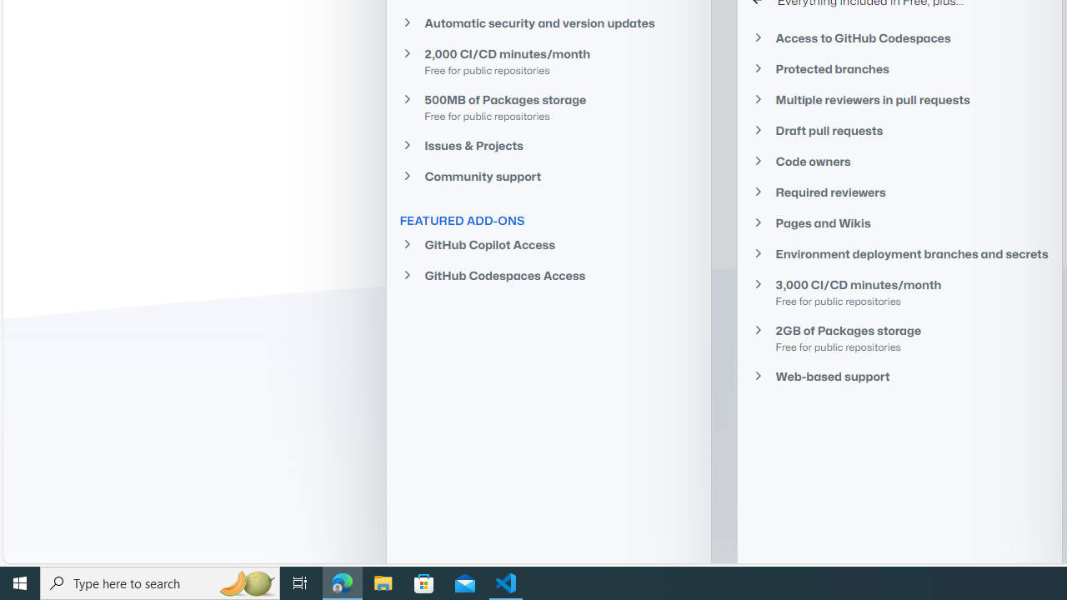 The width and height of the screenshot is (1067, 600). I want to click on 'GitHub Codespaces Access', so click(548, 274).